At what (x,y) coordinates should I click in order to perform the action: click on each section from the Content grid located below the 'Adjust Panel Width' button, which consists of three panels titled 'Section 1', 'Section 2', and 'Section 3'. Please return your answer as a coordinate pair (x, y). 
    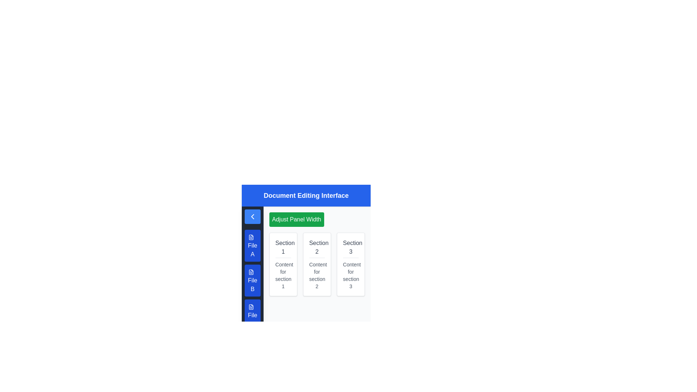
    Looking at the image, I should click on (317, 264).